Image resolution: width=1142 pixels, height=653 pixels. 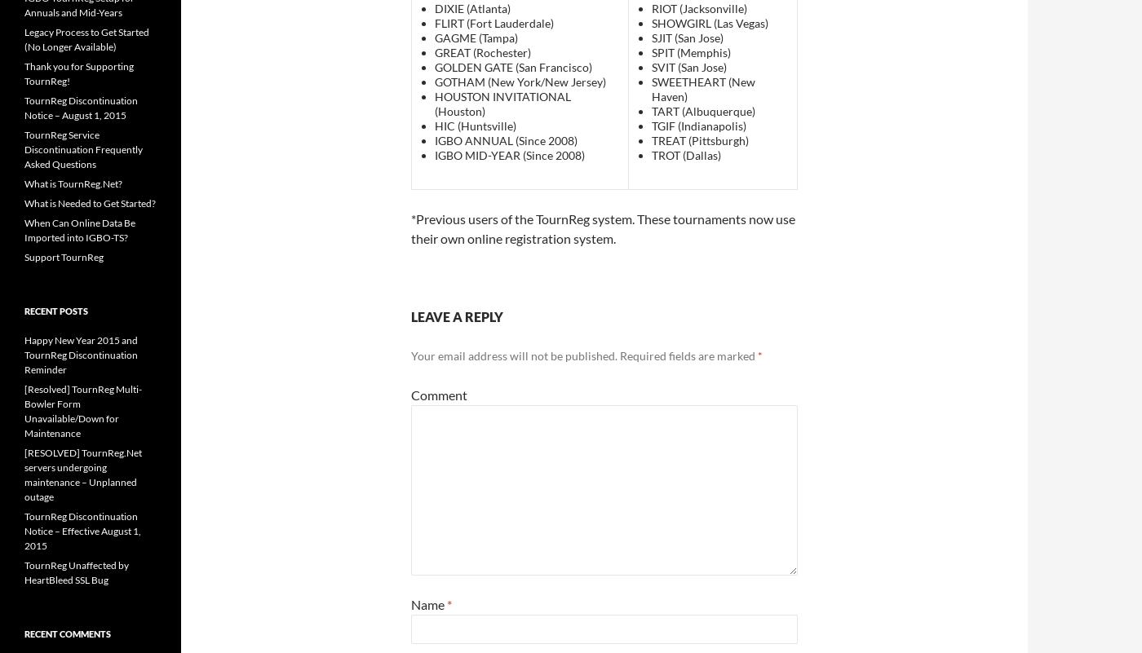 I want to click on 'GAGME (Tampa)', so click(x=476, y=37).